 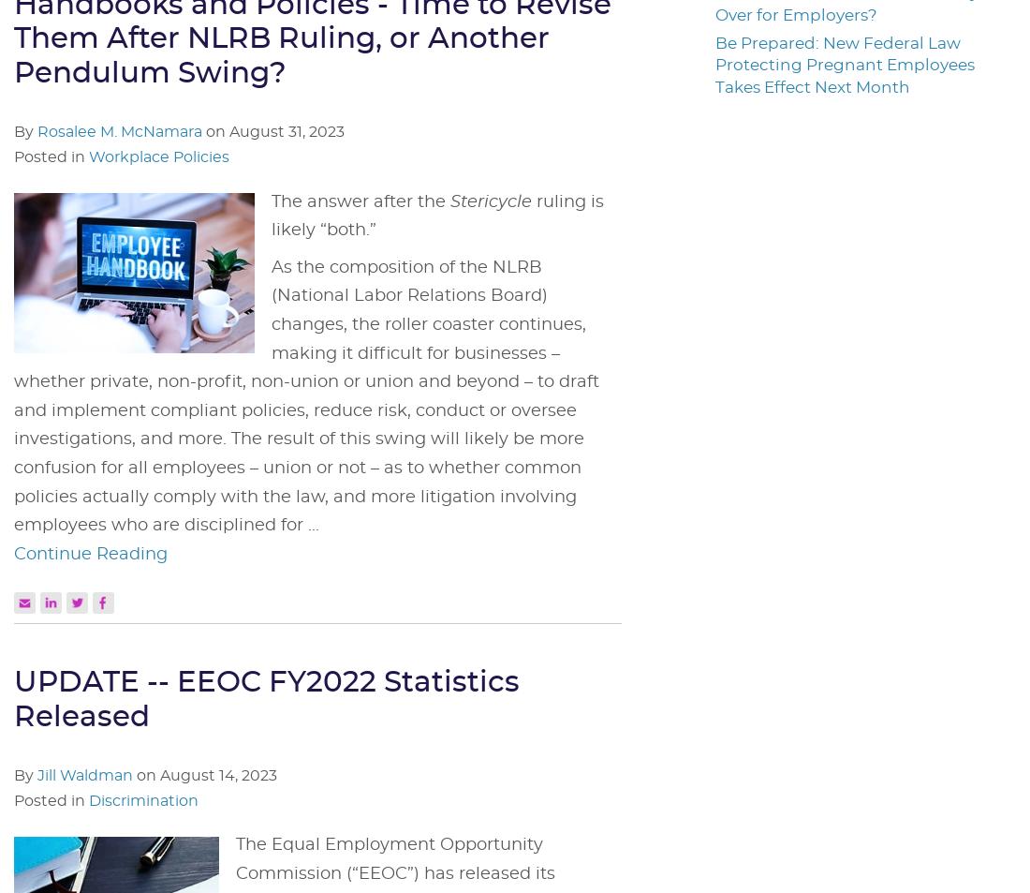 I want to click on 'August 14, 2023', so click(x=218, y=775).